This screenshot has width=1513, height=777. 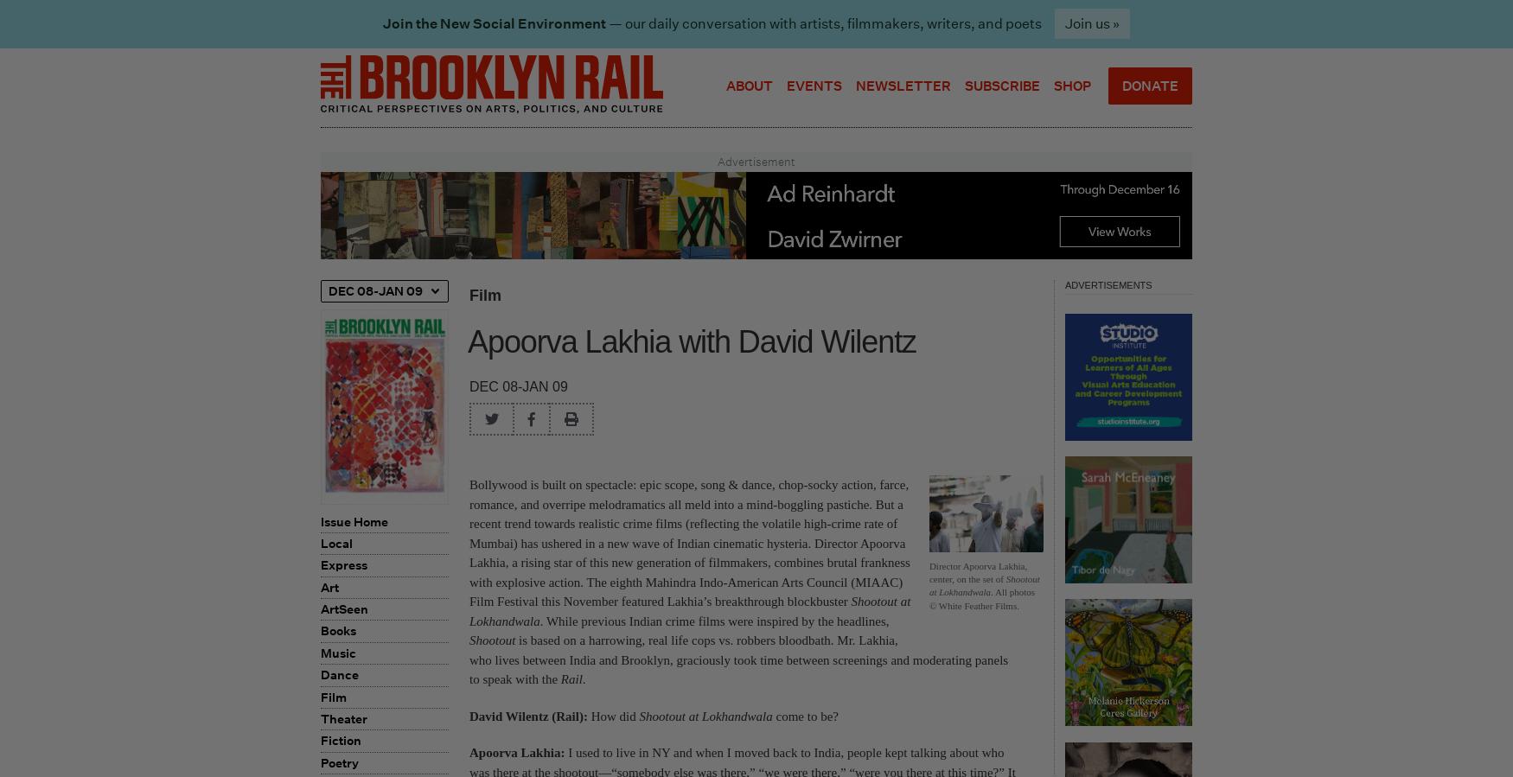 What do you see at coordinates (343, 608) in the screenshot?
I see `'ArtSeen'` at bounding box center [343, 608].